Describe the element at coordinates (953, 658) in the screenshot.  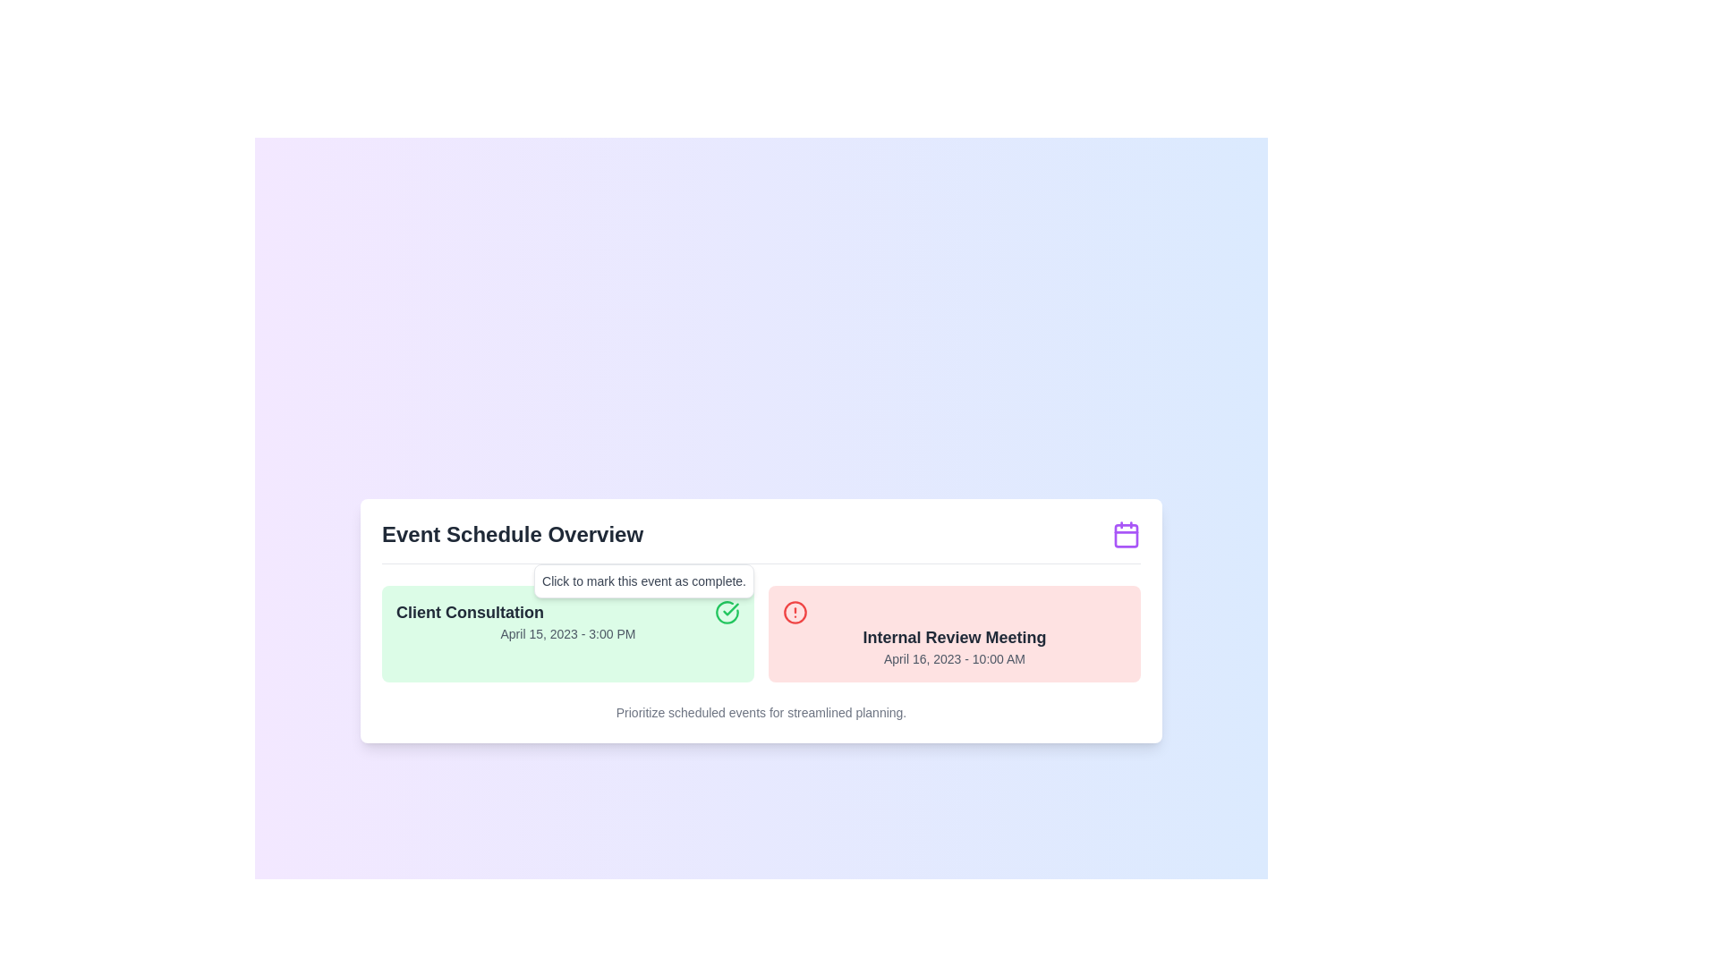
I see `the text label that indicates the scheduled date and time for the 'Internal Review Meeting', located beneath the title text within the red-bordered event card` at that location.